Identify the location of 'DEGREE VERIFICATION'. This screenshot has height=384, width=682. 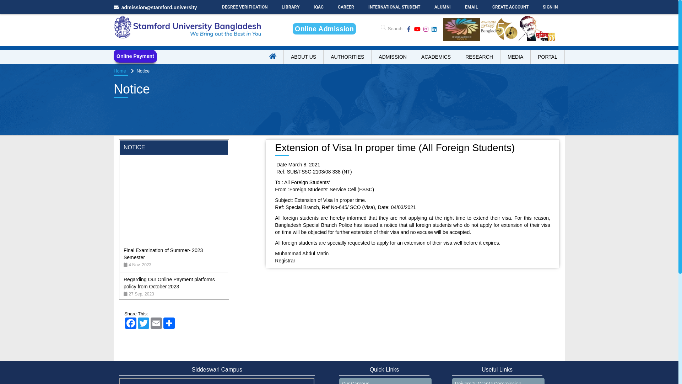
(245, 7).